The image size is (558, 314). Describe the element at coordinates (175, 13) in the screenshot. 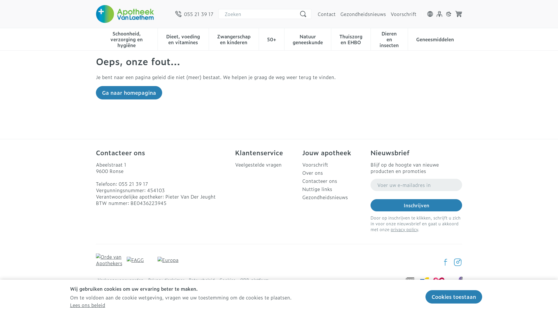

I see `'055 21 39 17'` at that location.